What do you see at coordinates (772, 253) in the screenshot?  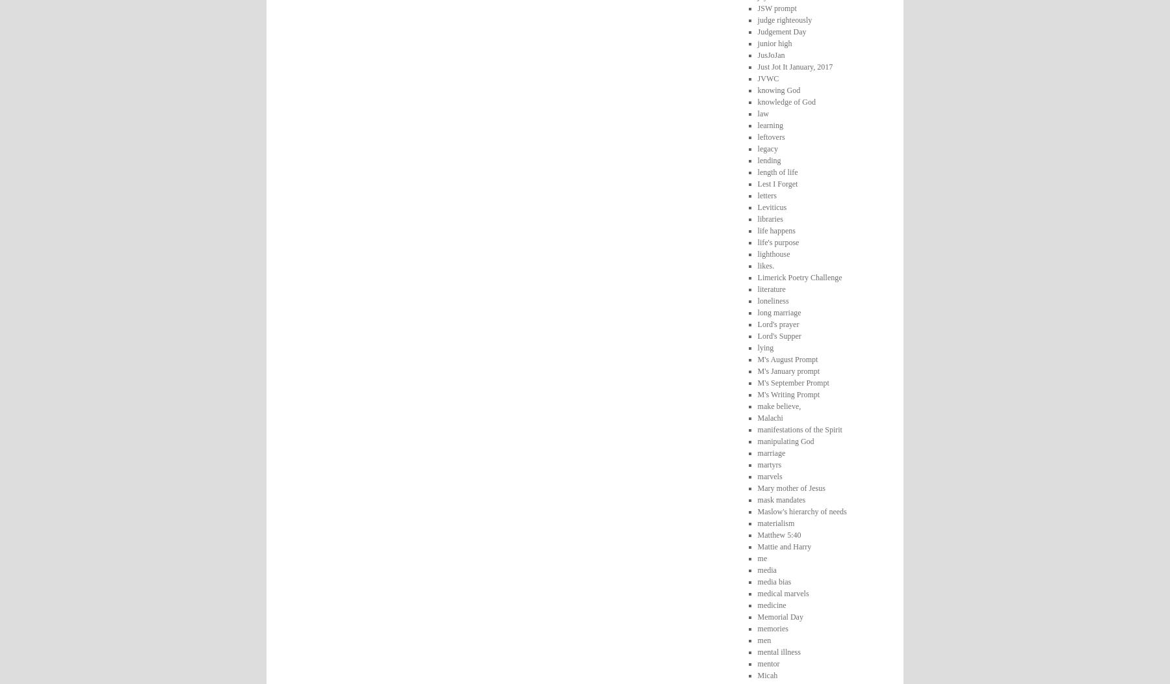 I see `'lighthouse'` at bounding box center [772, 253].